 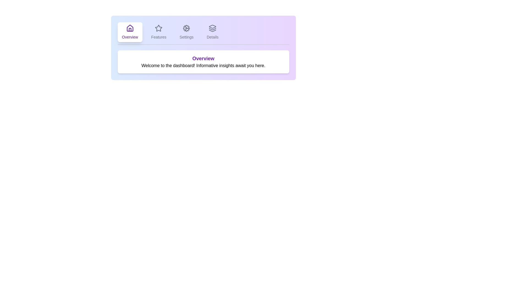 What do you see at coordinates (130, 32) in the screenshot?
I see `the tab labeled Overview` at bounding box center [130, 32].